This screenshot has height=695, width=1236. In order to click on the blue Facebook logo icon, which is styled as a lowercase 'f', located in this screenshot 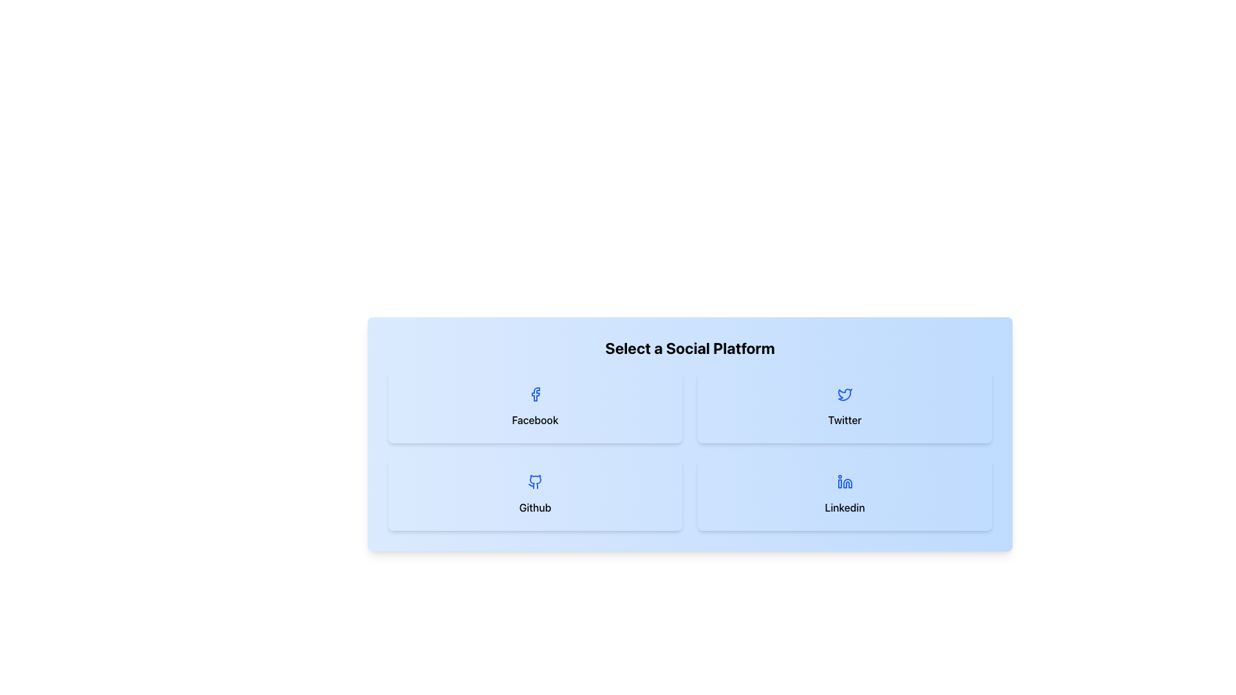, I will do `click(535, 394)`.